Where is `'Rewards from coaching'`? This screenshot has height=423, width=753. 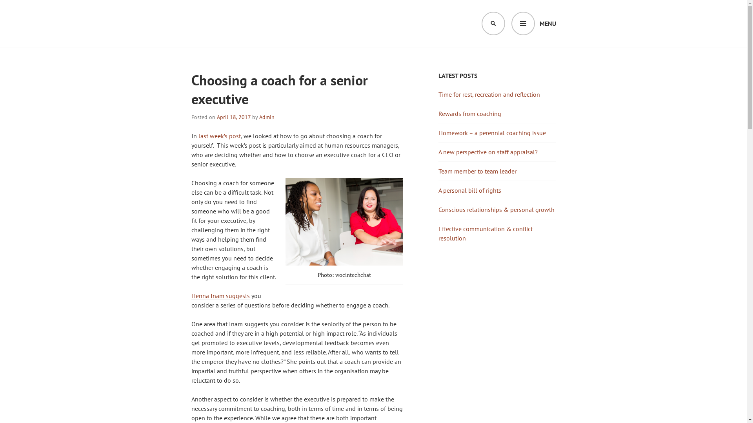 'Rewards from coaching' is located at coordinates (470, 113).